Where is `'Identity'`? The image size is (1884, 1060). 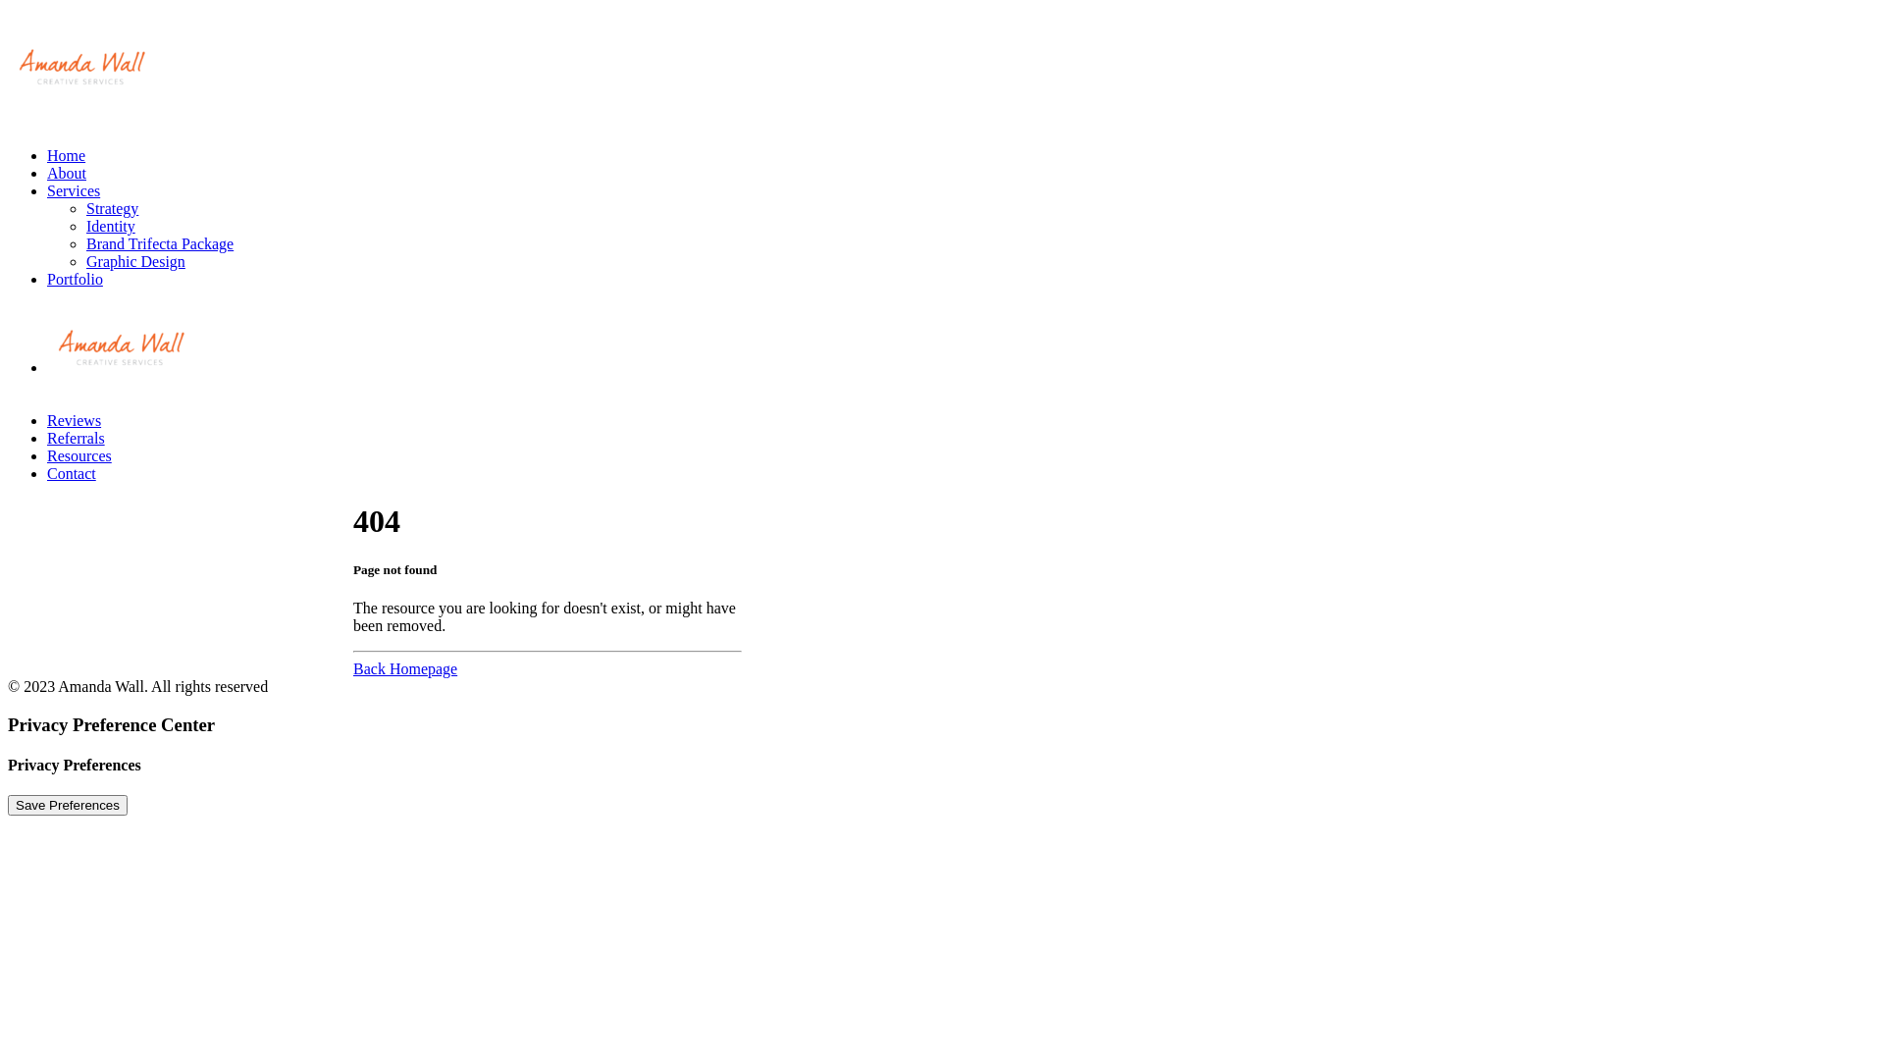
'Identity' is located at coordinates (110, 225).